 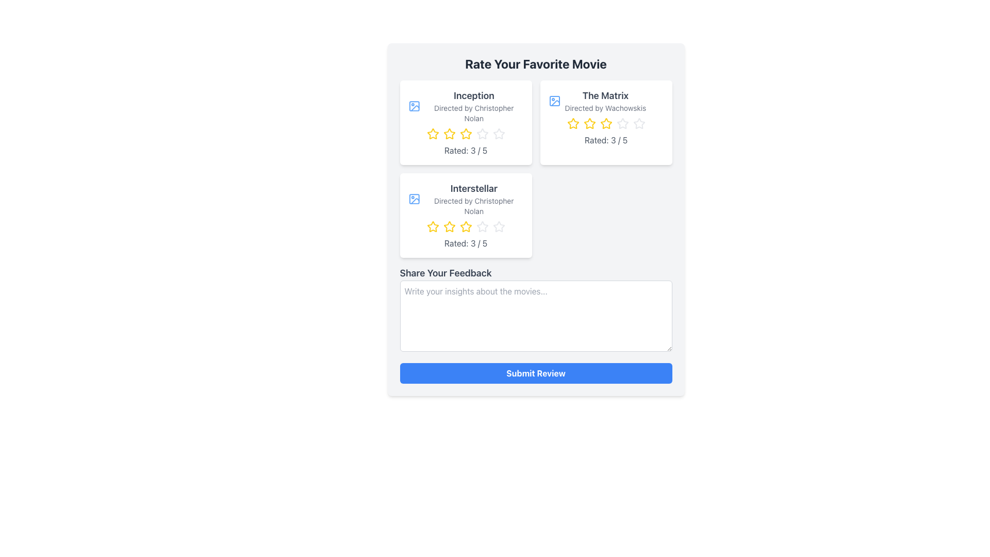 I want to click on the text label that displays the rating 'Rated: 3 / 5' for the movie 'The Matrix', which is styled in gray and positioned below the rating stars inside the card component, so click(x=606, y=140).